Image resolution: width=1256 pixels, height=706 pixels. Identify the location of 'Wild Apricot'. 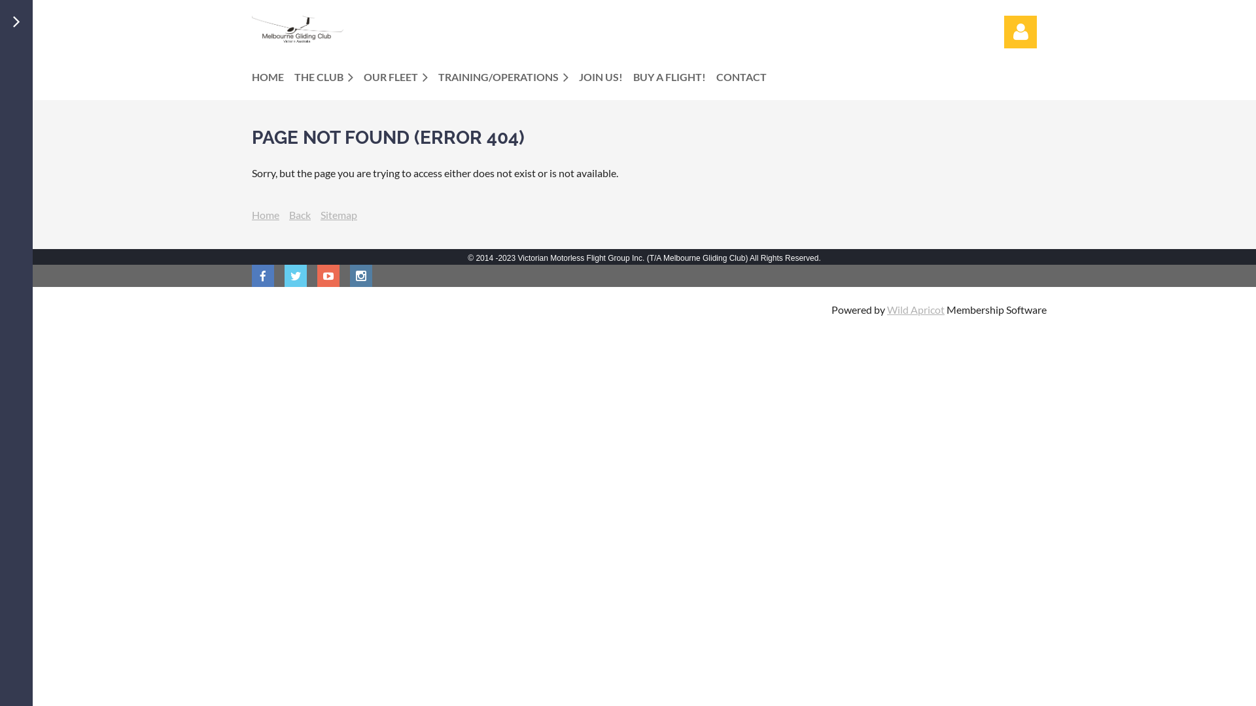
(915, 309).